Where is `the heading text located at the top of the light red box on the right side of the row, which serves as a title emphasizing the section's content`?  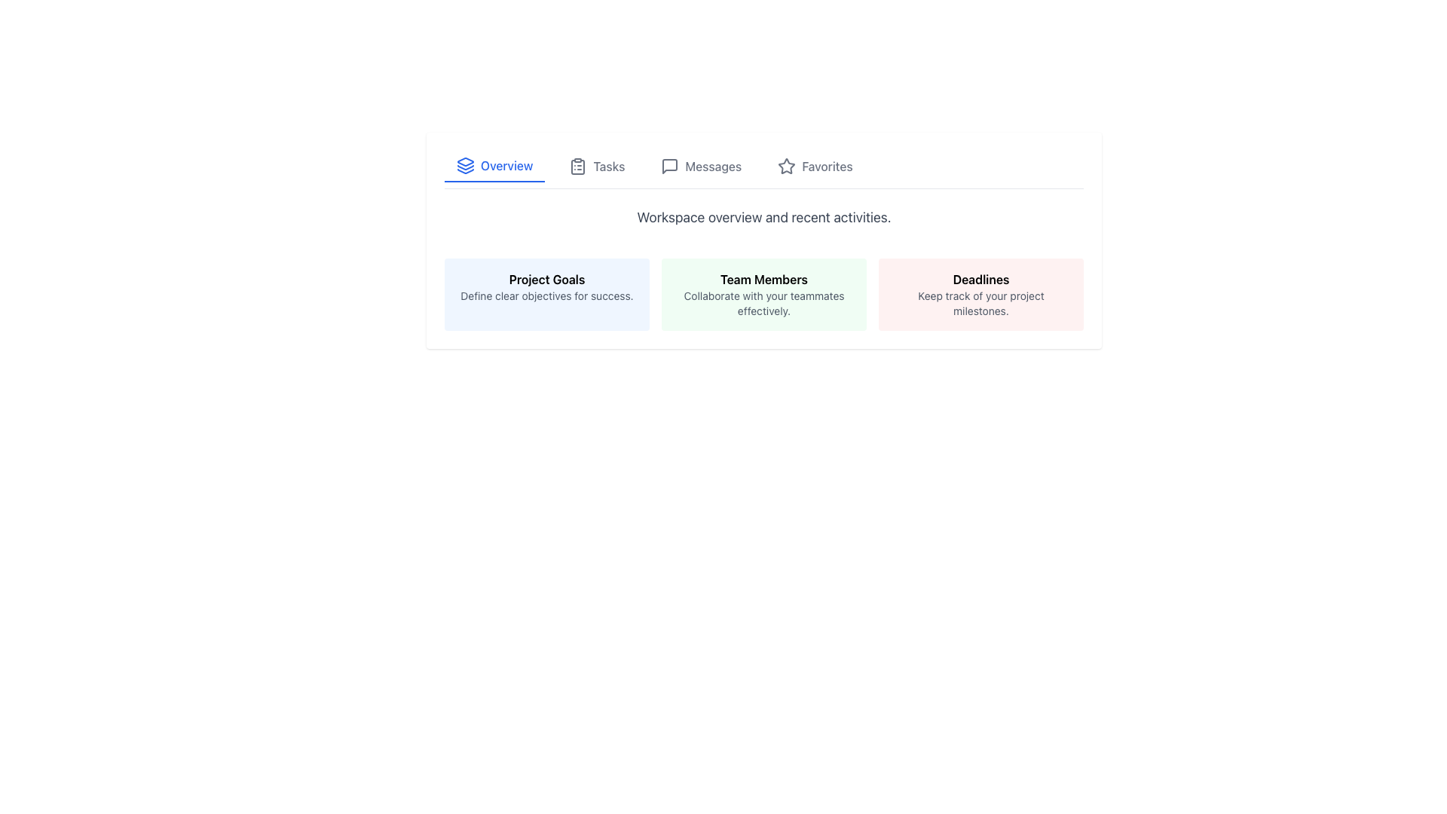
the heading text located at the top of the light red box on the right side of the row, which serves as a title emphasizing the section's content is located at coordinates (980, 279).